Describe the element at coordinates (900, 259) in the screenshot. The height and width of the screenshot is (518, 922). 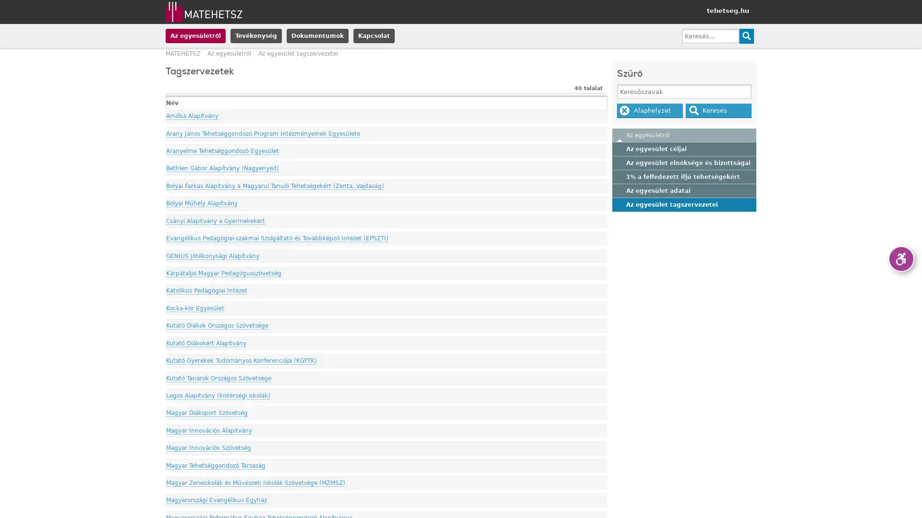
I see `Akadalymentes verzio` at that location.